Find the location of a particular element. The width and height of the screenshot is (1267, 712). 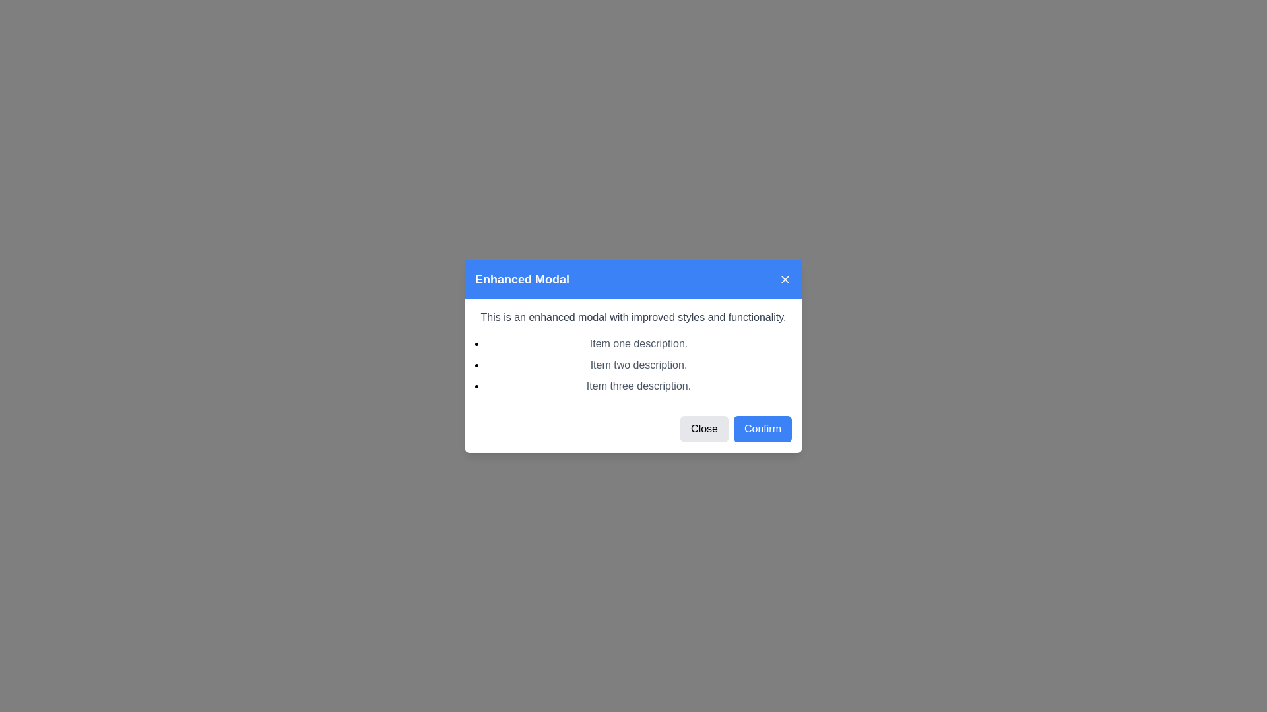

the close button icon, which is a small 'X' shaped icon located at the top-right corner of the modal dialog is located at coordinates (785, 278).